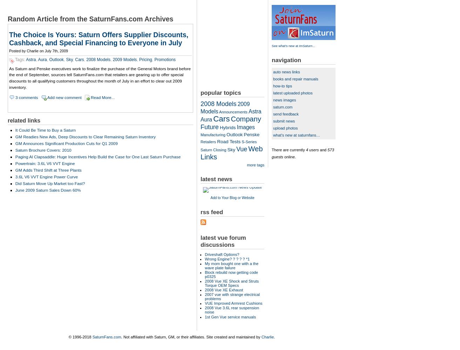 The image size is (460, 350). What do you see at coordinates (98, 38) in the screenshot?
I see `'The Choice Is Yours: Saturn Offers Supplier Discounts, Cashback, and Special Financing to Everyone in July'` at bounding box center [98, 38].